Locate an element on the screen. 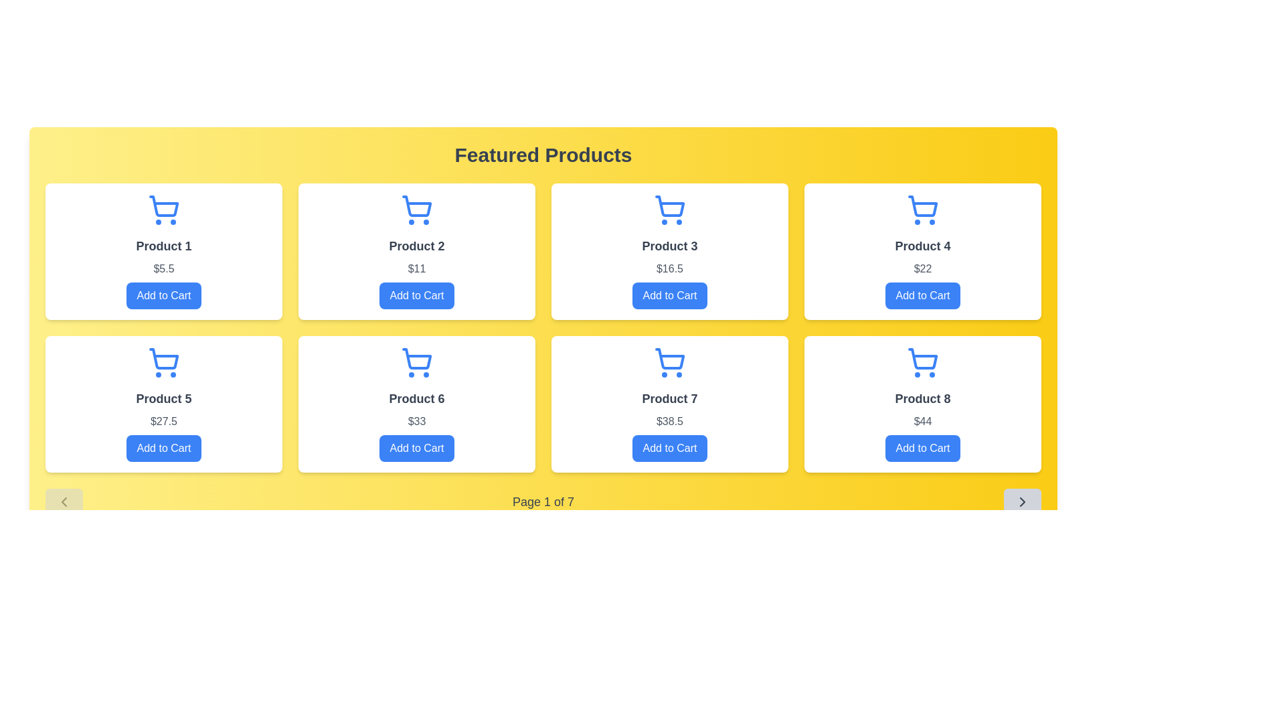  the monetary value displayed as '$44' in the product card for 'Product 8', which is styled in gray color and centered alignment is located at coordinates (922, 420).